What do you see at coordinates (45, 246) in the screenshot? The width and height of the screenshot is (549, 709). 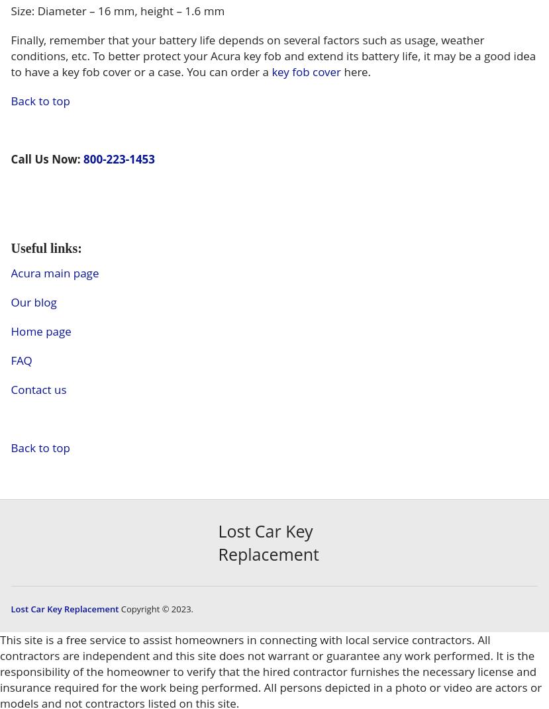 I see `'Useful links:'` at bounding box center [45, 246].